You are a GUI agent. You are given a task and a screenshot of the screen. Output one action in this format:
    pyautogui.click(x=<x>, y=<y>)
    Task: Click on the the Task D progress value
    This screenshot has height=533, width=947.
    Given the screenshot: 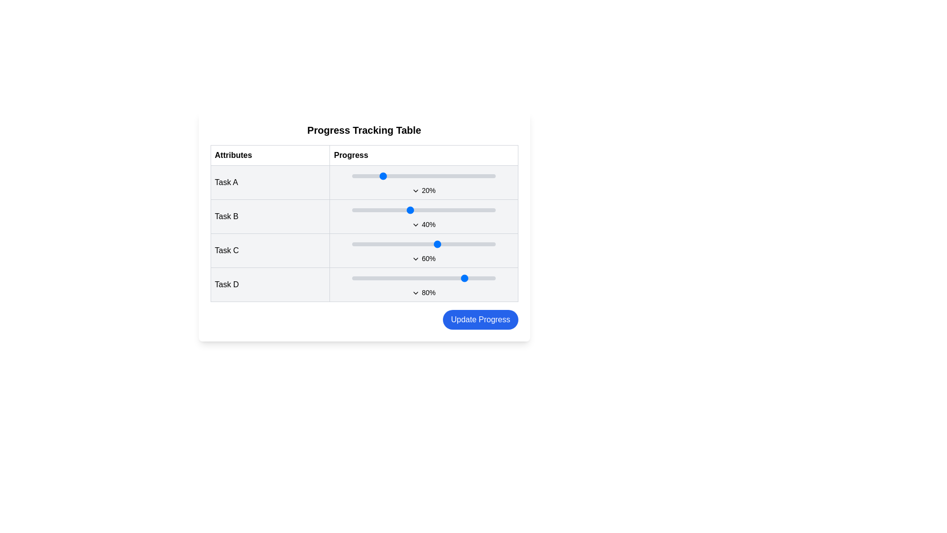 What is the action you would take?
    pyautogui.click(x=453, y=278)
    